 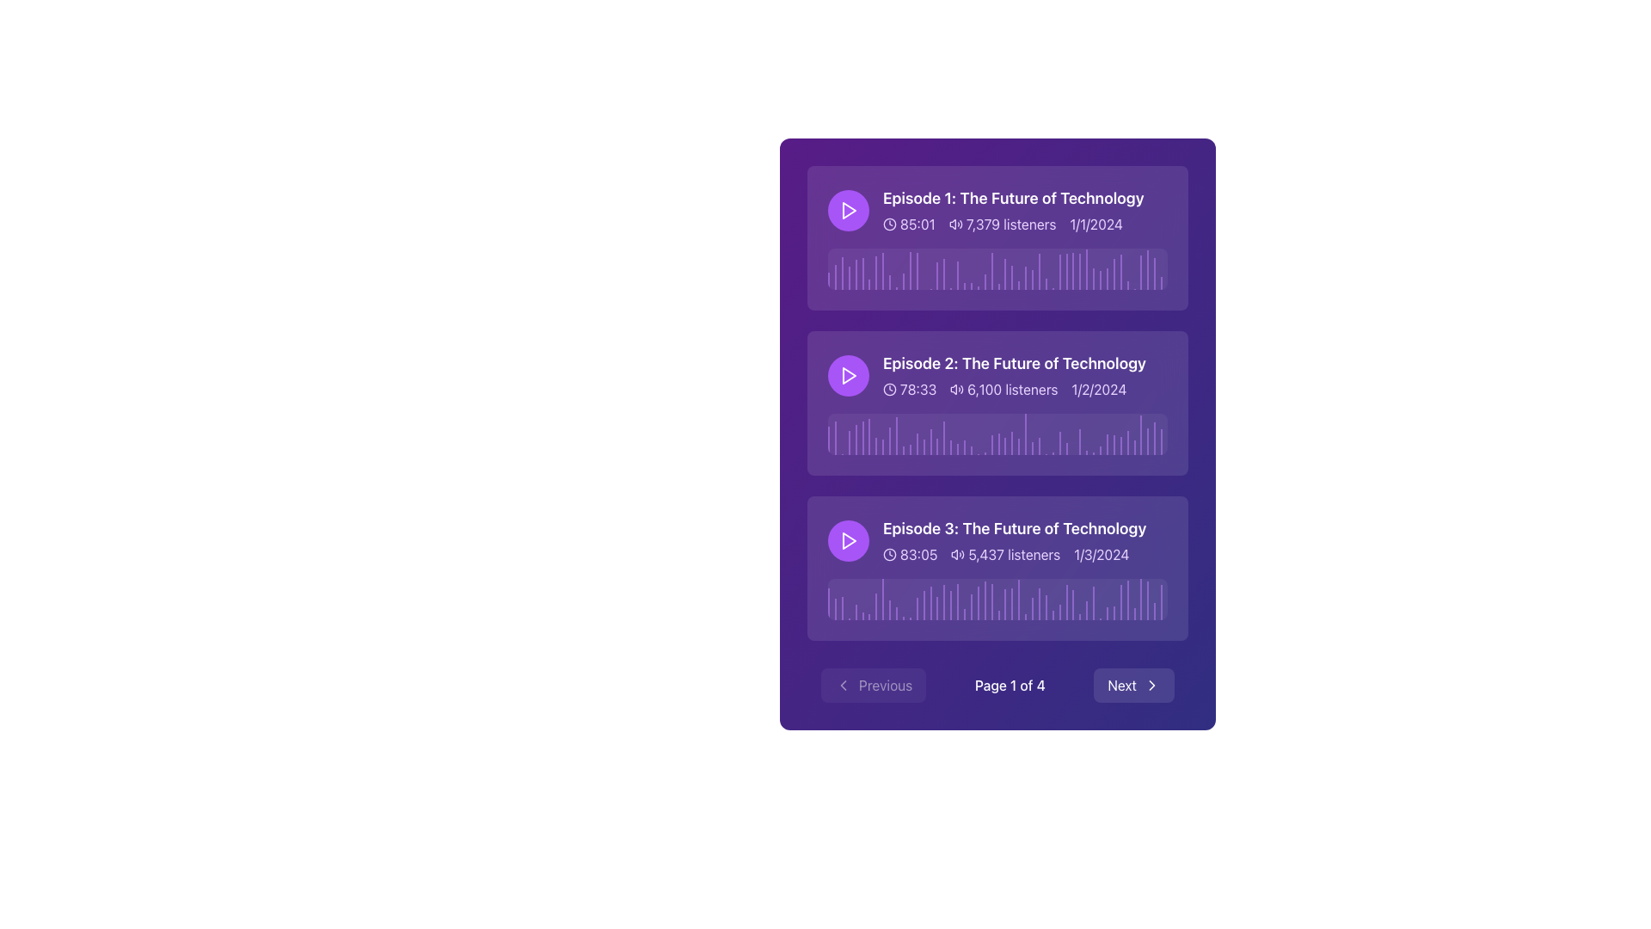 What do you see at coordinates (876, 272) in the screenshot?
I see `the purple vertical progress marker within the waveform representation of 'Episode 1: The Future of Technology'` at bounding box center [876, 272].